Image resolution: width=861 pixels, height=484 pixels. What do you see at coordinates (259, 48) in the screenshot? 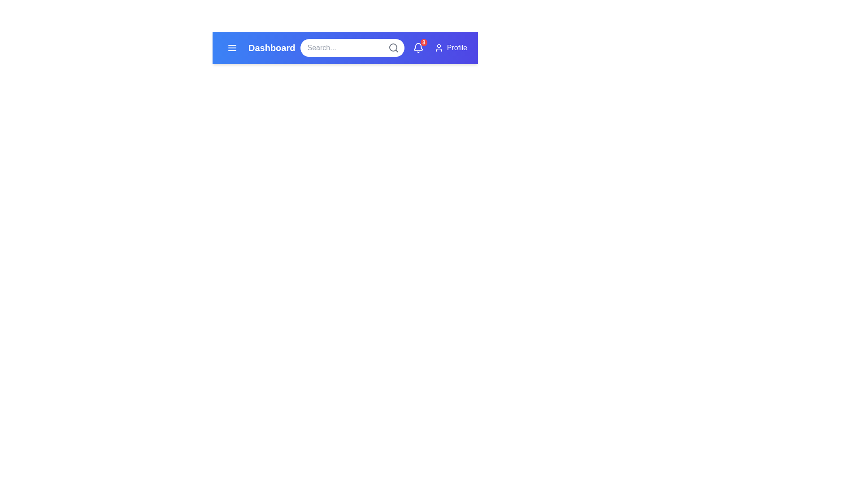
I see `the 'Dashboard' label or navigation link located on the far-left side of the top navigation bar, adjacent to the hamburger menu icon and the search bar` at bounding box center [259, 48].